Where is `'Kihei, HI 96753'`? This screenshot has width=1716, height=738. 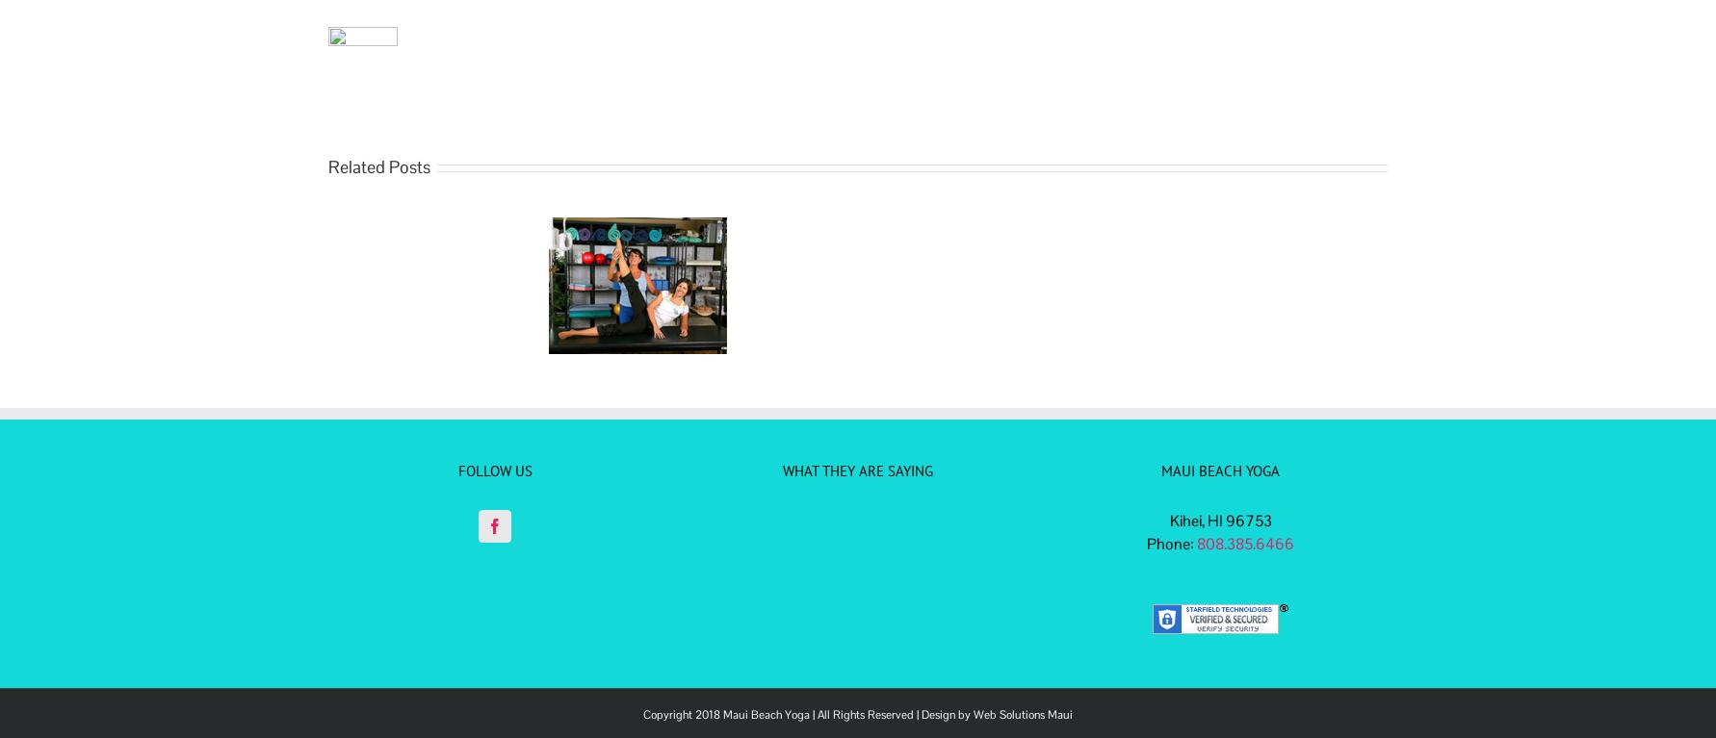 'Kihei, HI 96753' is located at coordinates (1220, 520).